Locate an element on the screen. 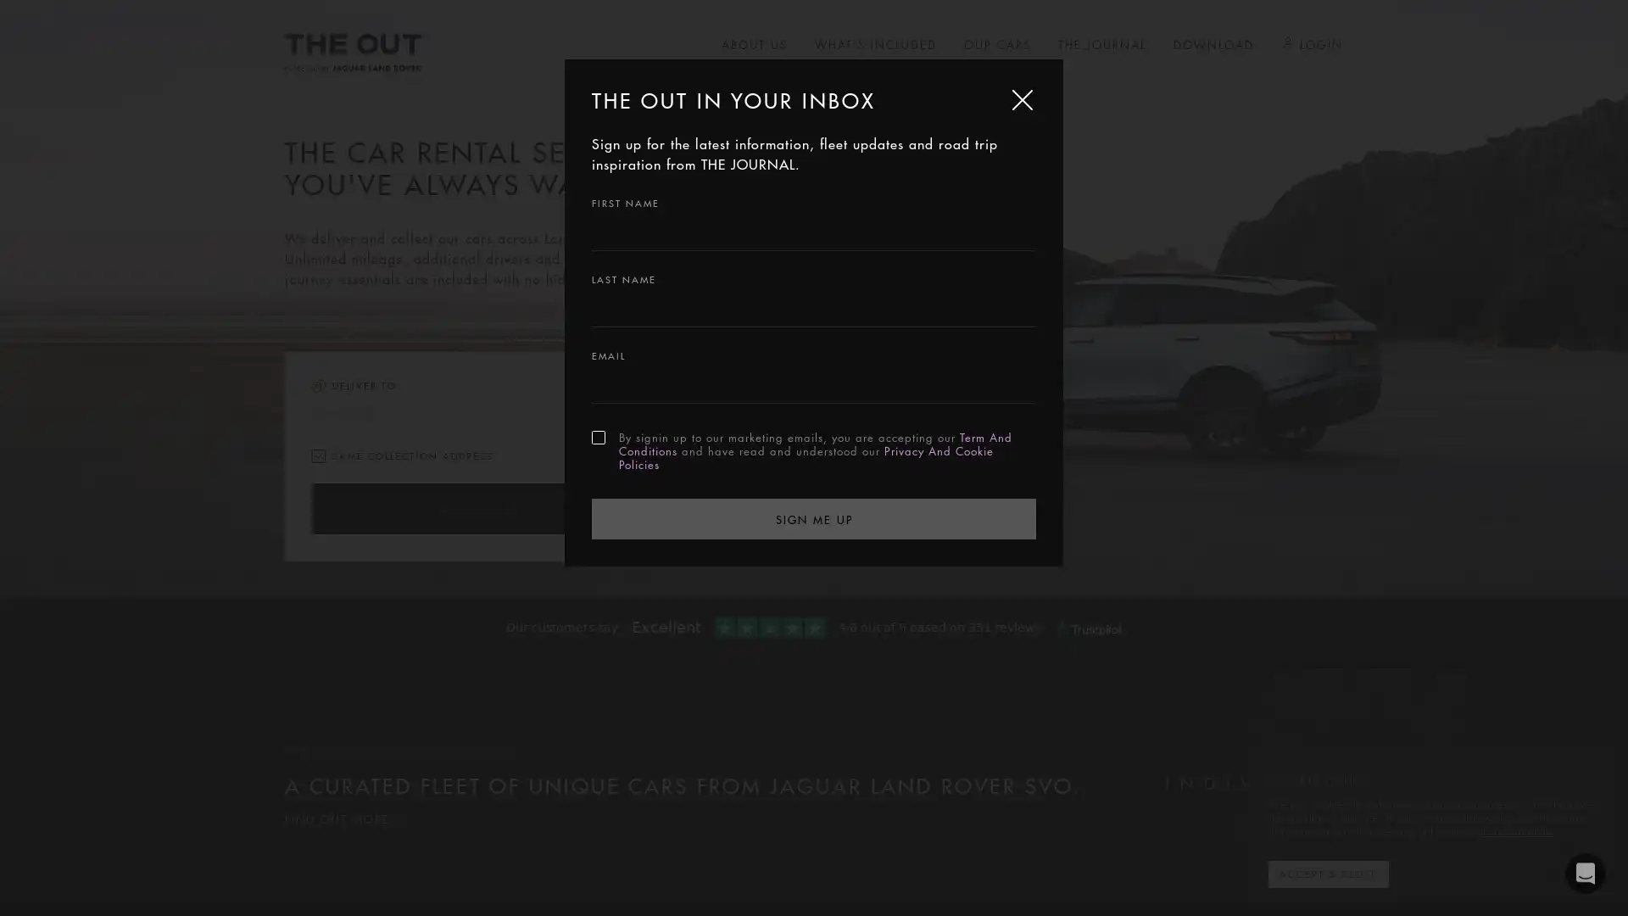  Open Intercom Messenger is located at coordinates (1585, 873).